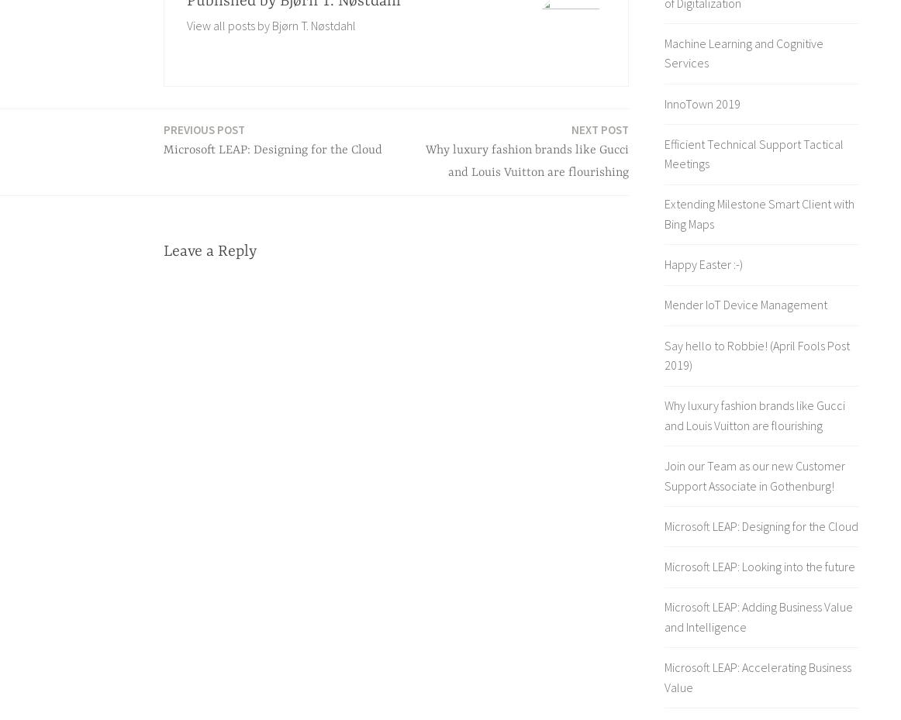 The image size is (901, 720). Describe the element at coordinates (754, 474) in the screenshot. I see `'Join our Team as our new Customer Support Associate in Gothenburg!'` at that location.